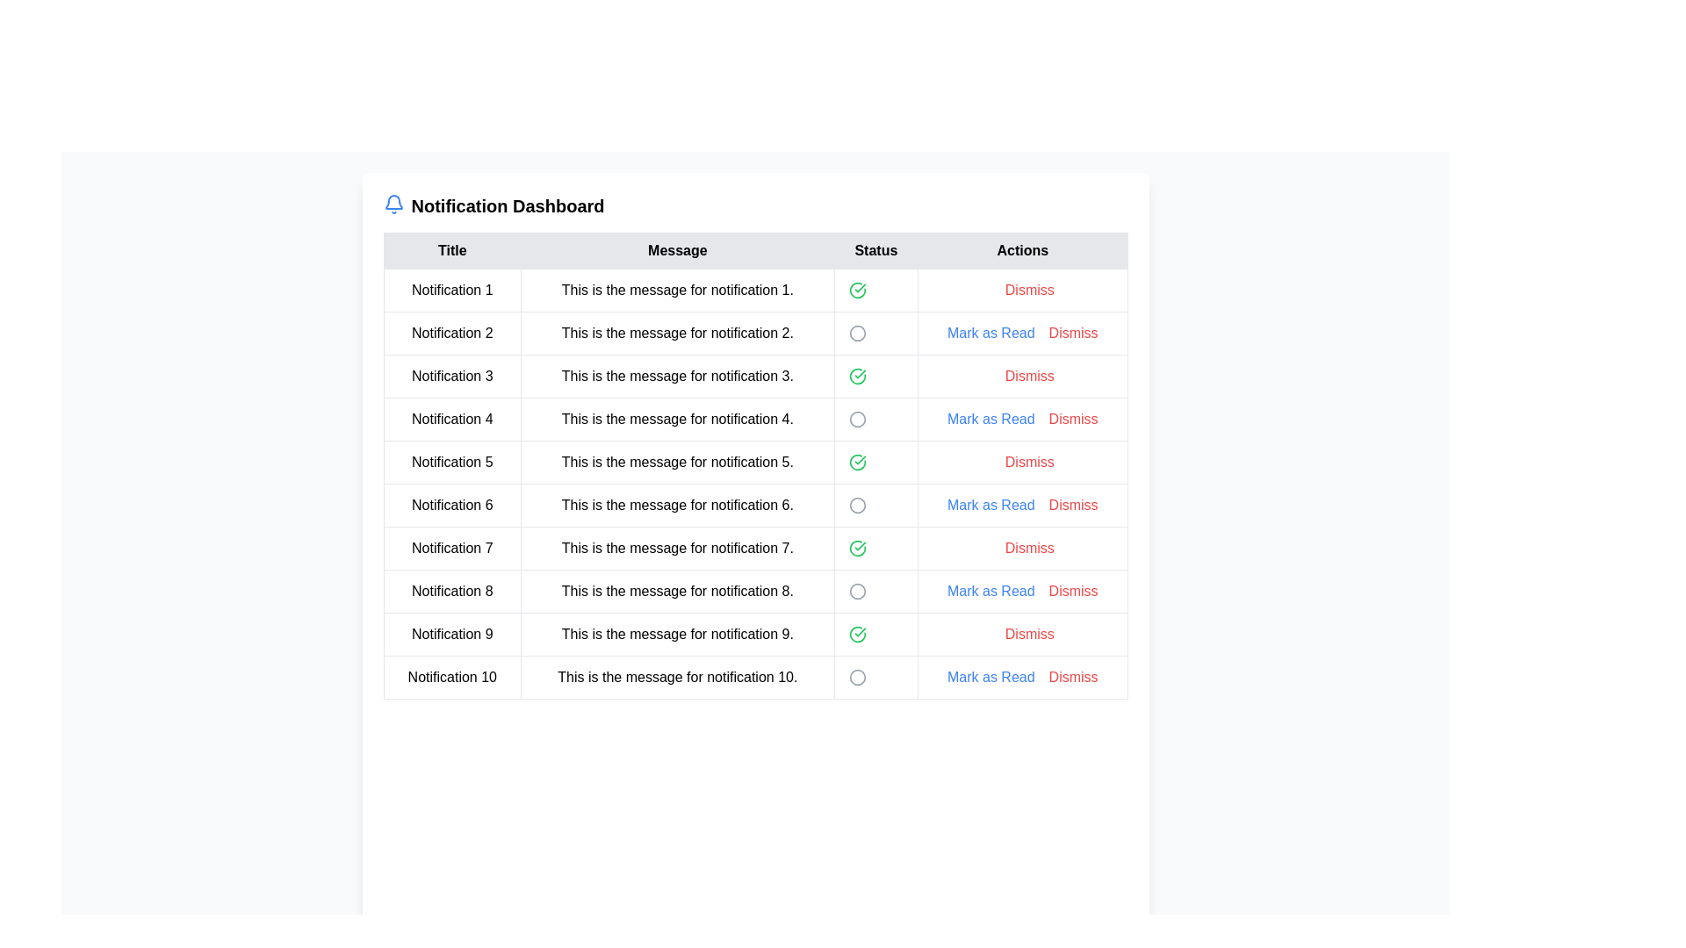 The image size is (1686, 948). What do you see at coordinates (875, 334) in the screenshot?
I see `the visual status of the Status indicator located in the third cell of the row labeled 'Notification 2' in the 'Status' column` at bounding box center [875, 334].